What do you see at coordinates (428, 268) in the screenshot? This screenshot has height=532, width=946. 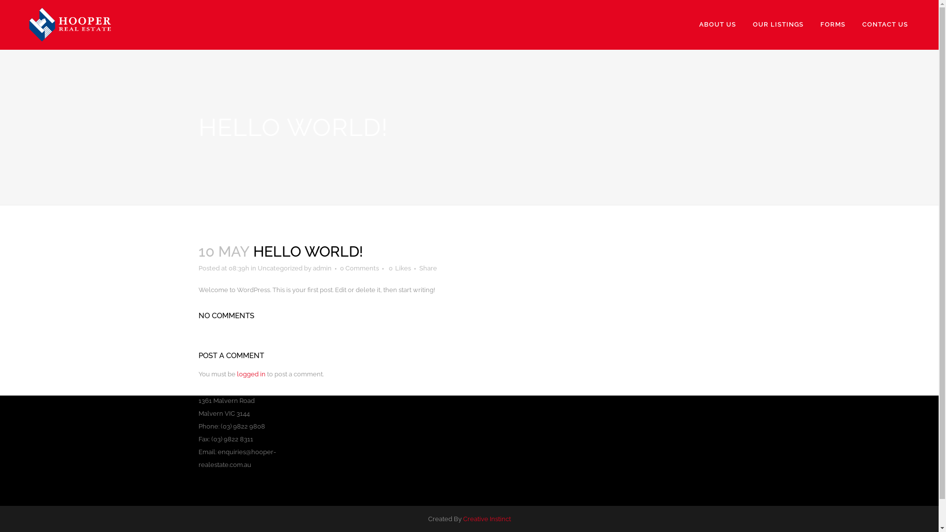 I see `'Share'` at bounding box center [428, 268].